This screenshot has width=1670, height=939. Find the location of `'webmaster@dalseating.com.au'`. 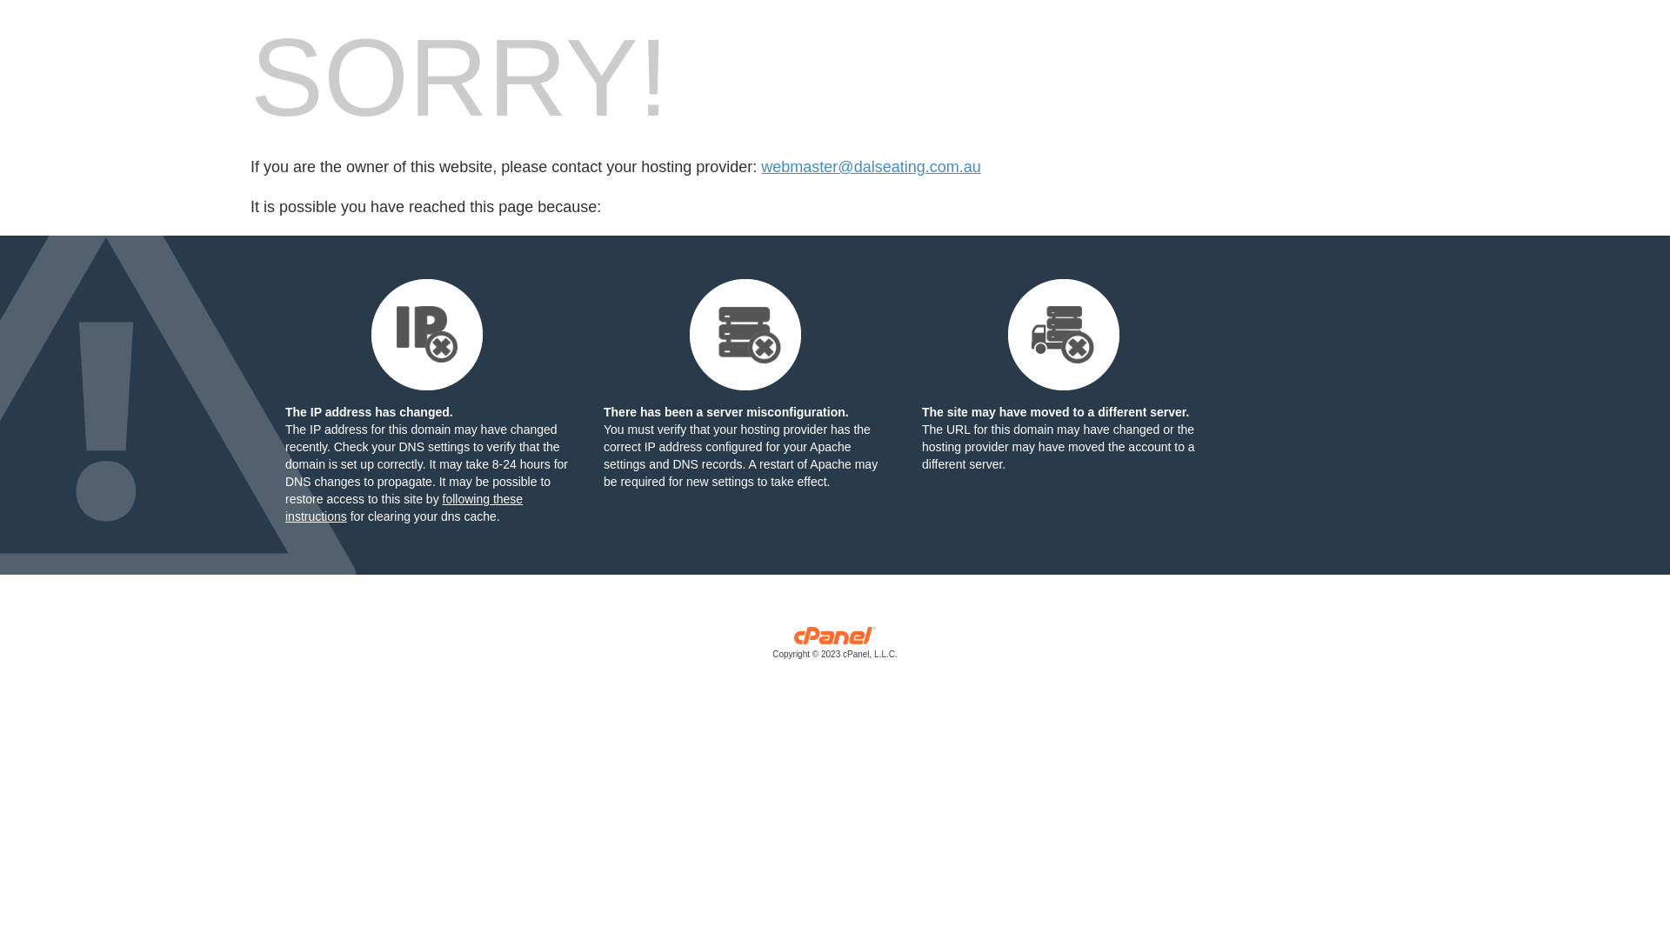

'webmaster@dalseating.com.au' is located at coordinates (871, 167).